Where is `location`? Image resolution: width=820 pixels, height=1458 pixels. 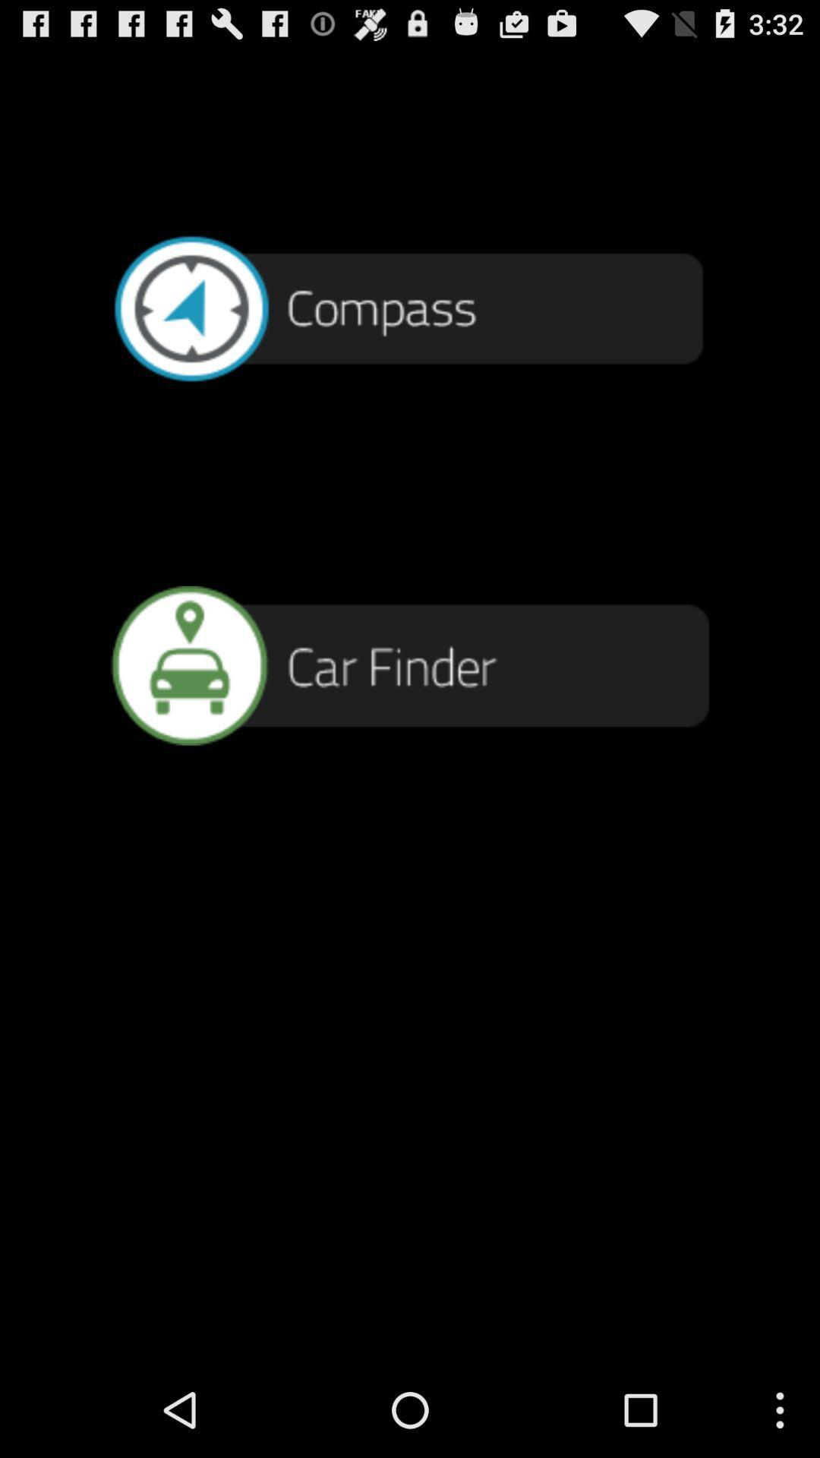
location is located at coordinates (410, 665).